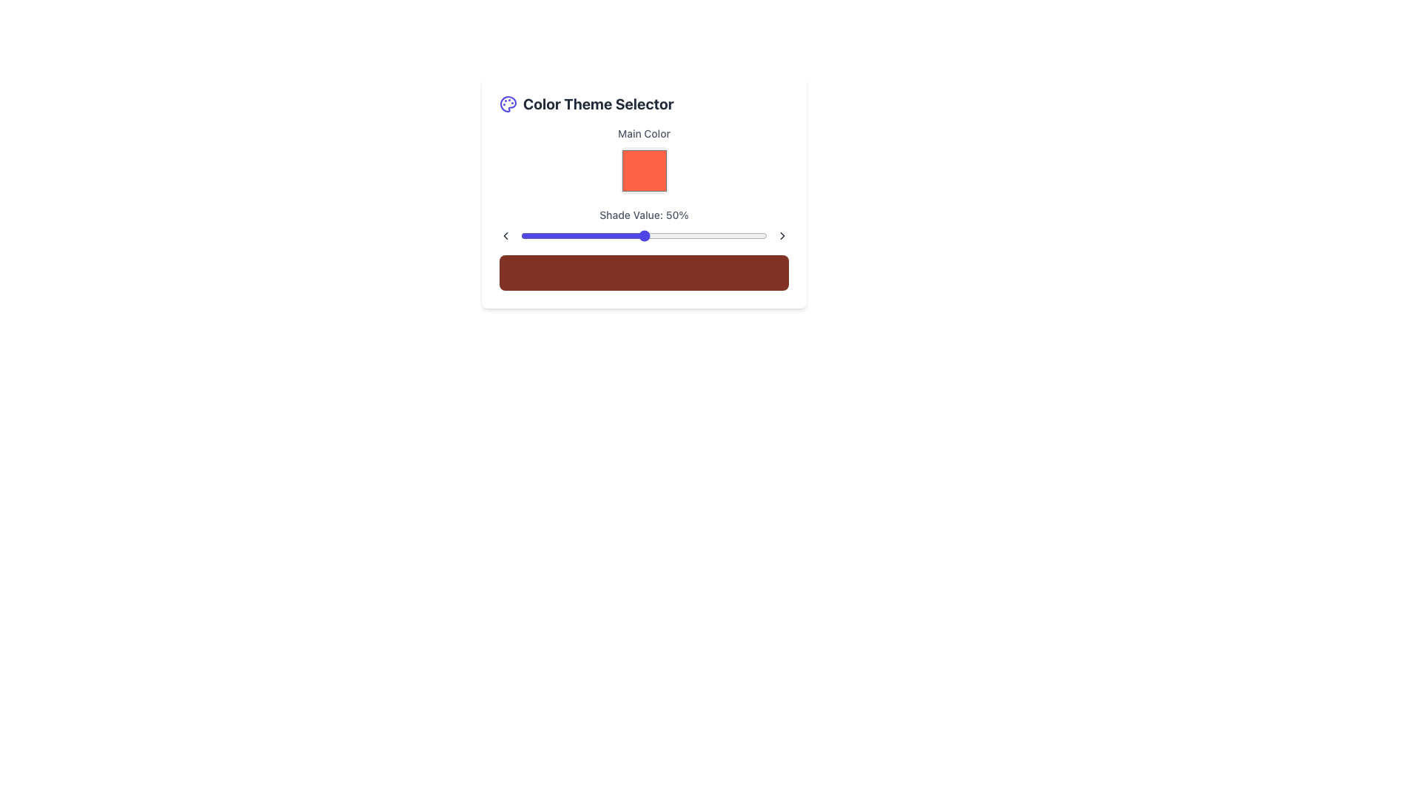 The width and height of the screenshot is (1421, 799). What do you see at coordinates (740, 235) in the screenshot?
I see `the shade value` at bounding box center [740, 235].